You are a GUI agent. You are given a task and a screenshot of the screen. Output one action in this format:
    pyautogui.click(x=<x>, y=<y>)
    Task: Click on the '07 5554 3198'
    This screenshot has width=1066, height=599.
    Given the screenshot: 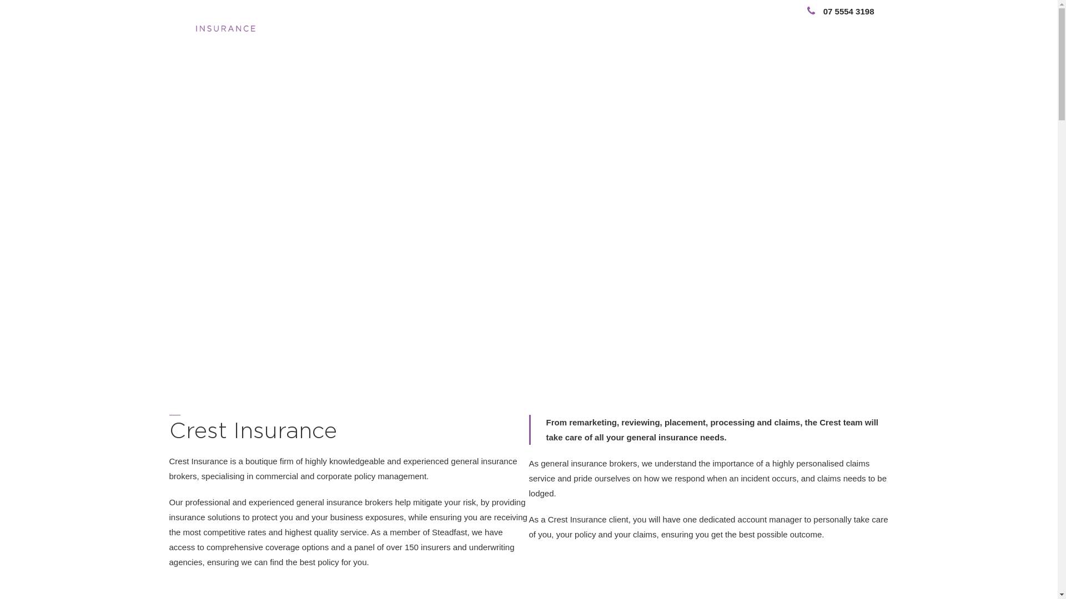 What is the action you would take?
    pyautogui.click(x=792, y=11)
    